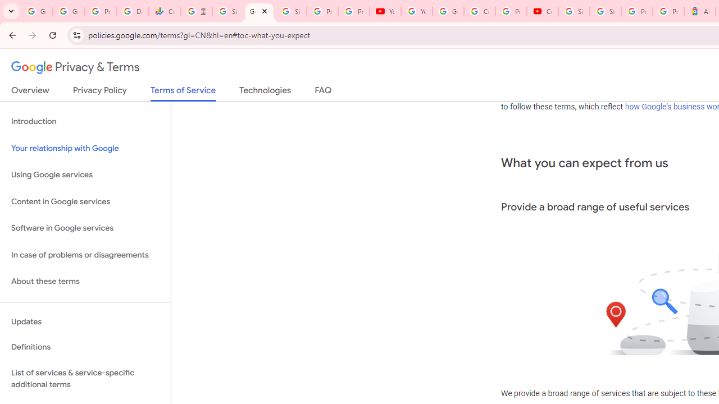 This screenshot has height=404, width=719. Describe the element at coordinates (85, 175) in the screenshot. I see `'Using Google services'` at that location.